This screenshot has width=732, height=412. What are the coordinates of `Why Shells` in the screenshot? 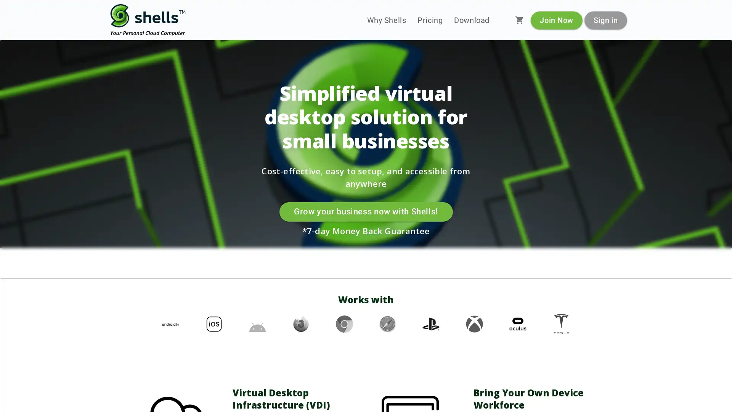 It's located at (386, 20).